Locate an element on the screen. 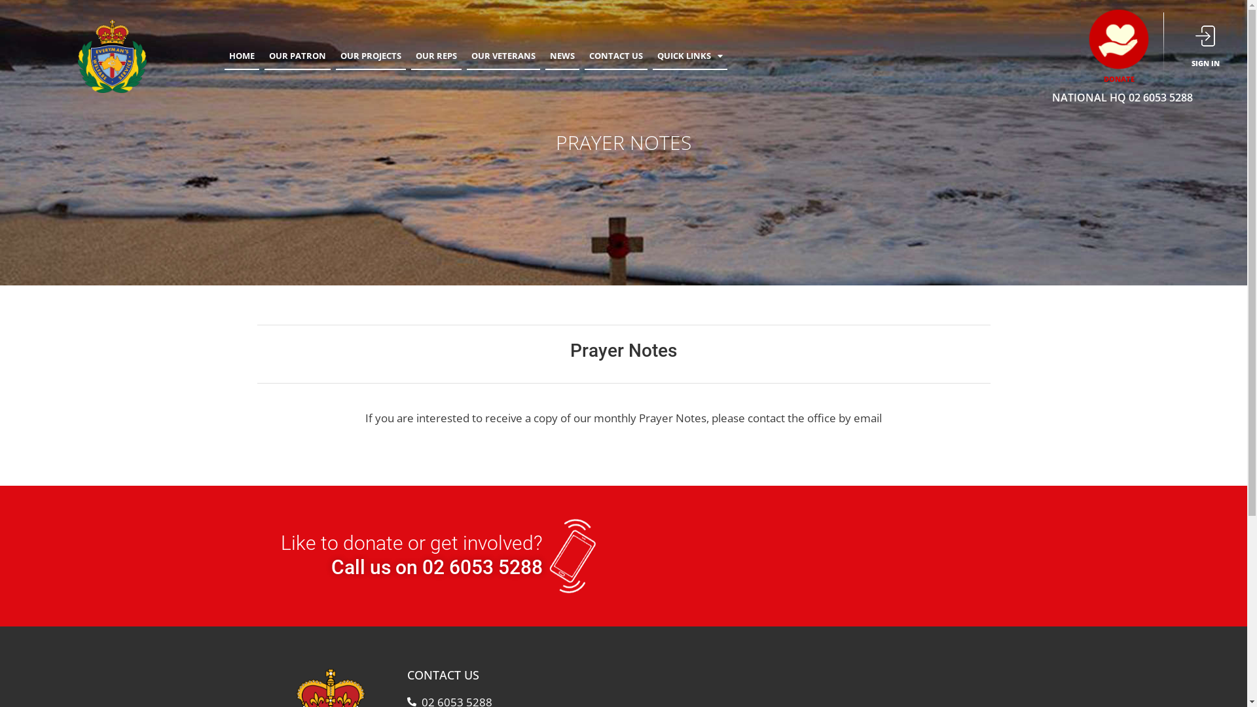  'OUR PATRON' is located at coordinates (297, 55).